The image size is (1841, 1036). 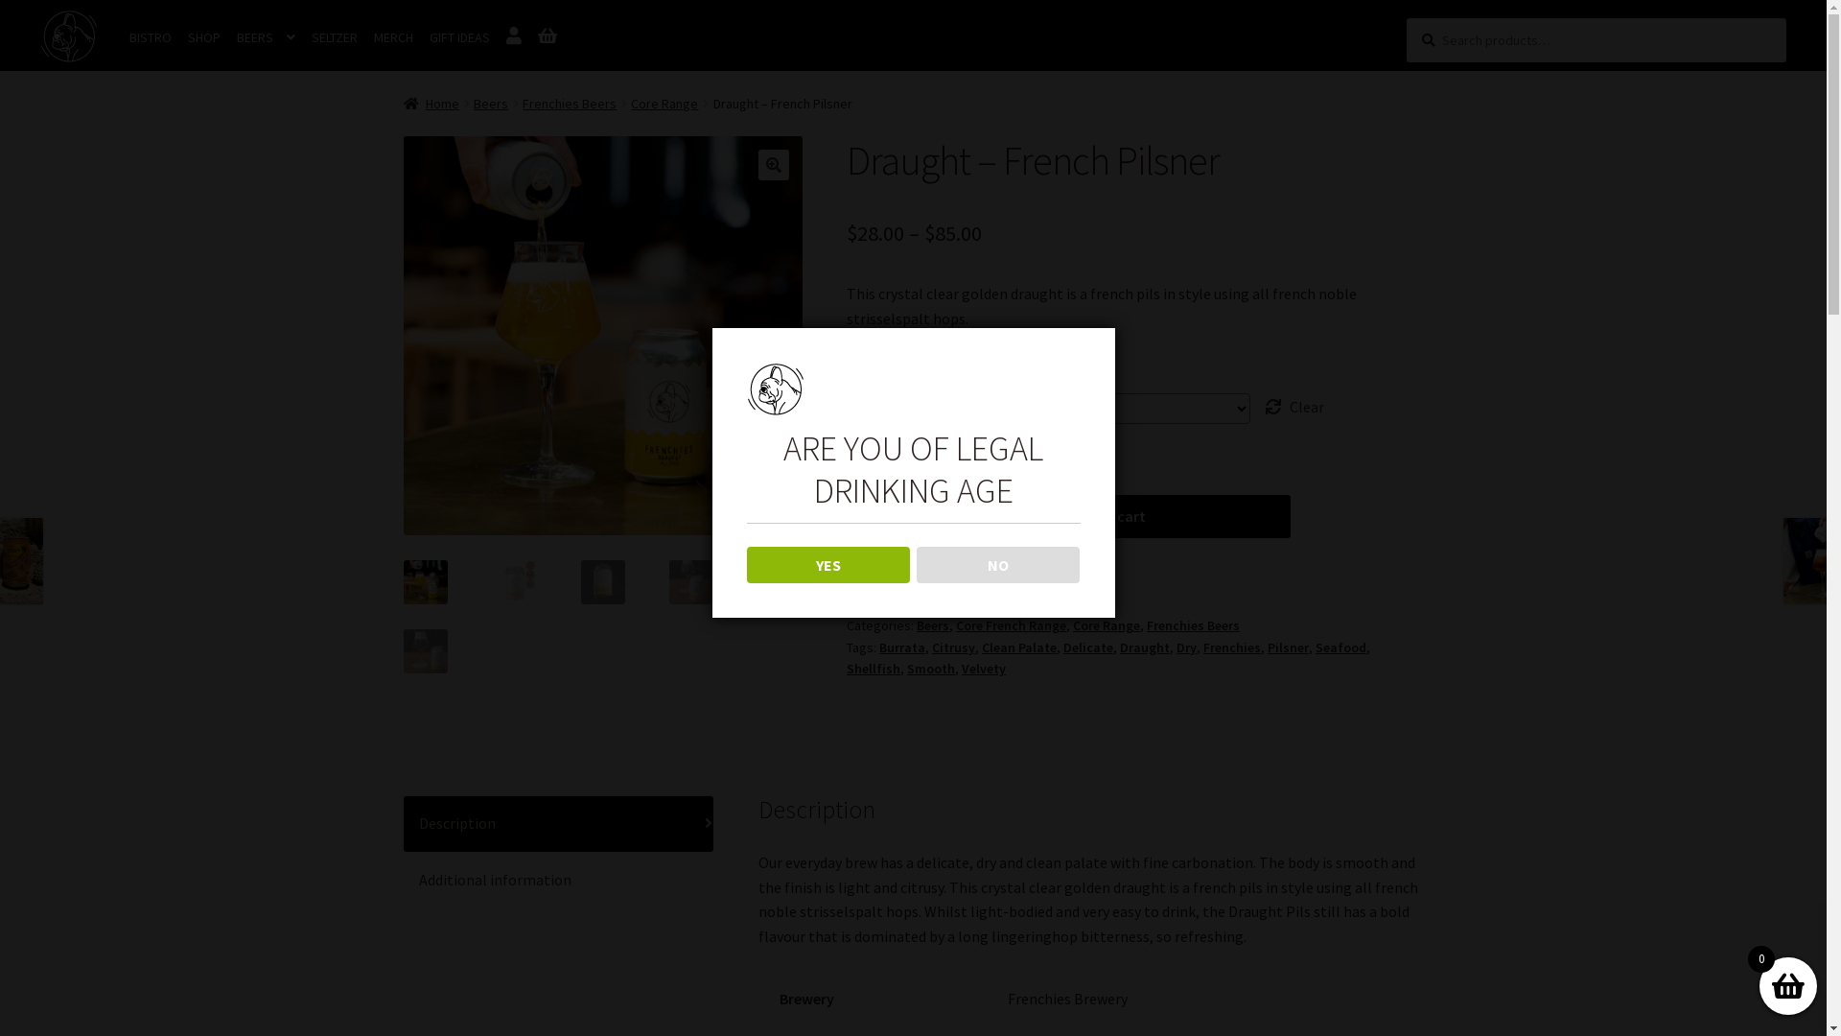 I want to click on 'Frenchies', so click(x=1232, y=647).